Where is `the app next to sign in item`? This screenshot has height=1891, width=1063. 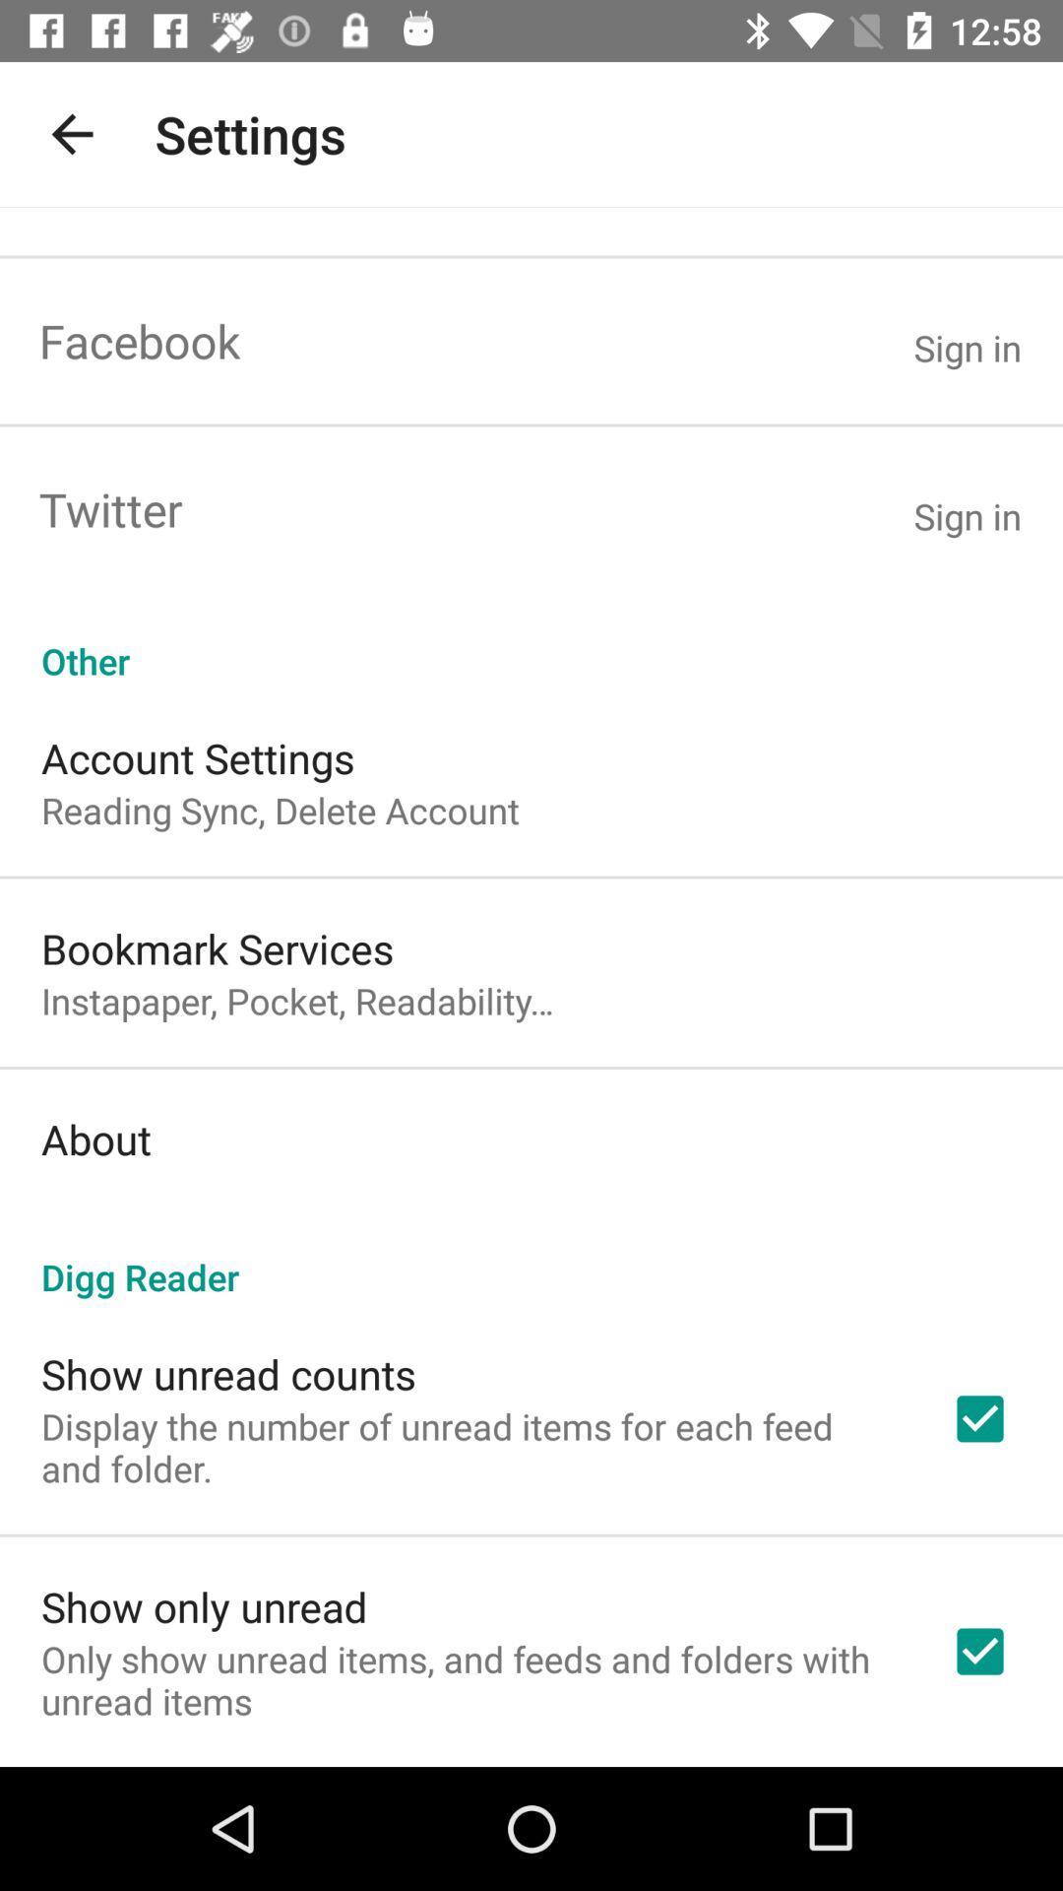
the app next to sign in item is located at coordinates (139, 341).